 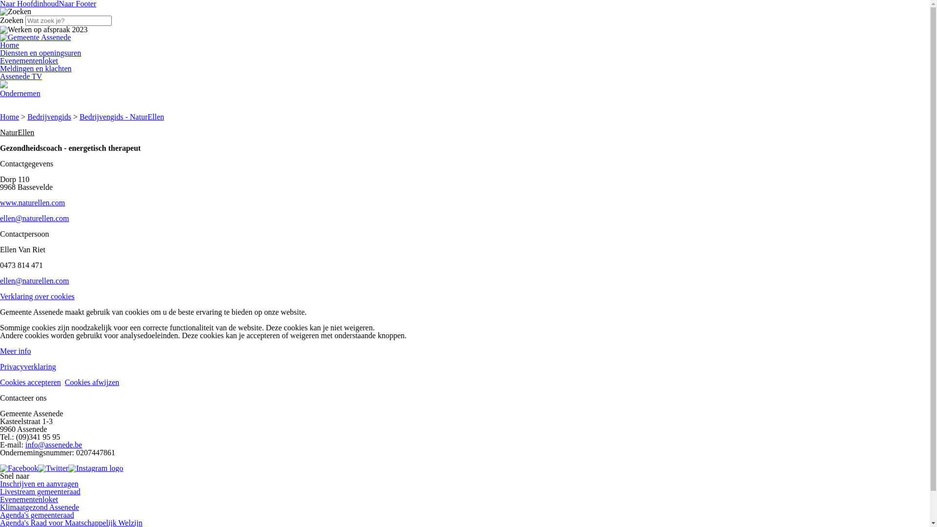 What do you see at coordinates (0, 53) in the screenshot?
I see `'Diensten en openingsuren'` at bounding box center [0, 53].